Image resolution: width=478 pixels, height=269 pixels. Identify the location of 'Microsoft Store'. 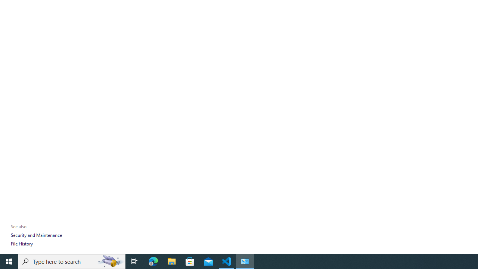
(190, 261).